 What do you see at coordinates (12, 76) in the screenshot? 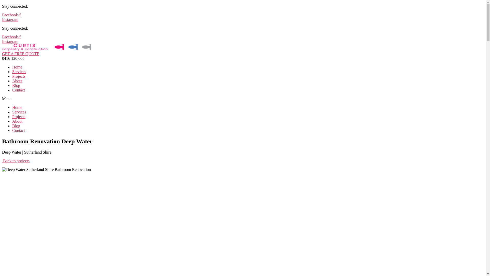
I see `'Projects'` at bounding box center [12, 76].